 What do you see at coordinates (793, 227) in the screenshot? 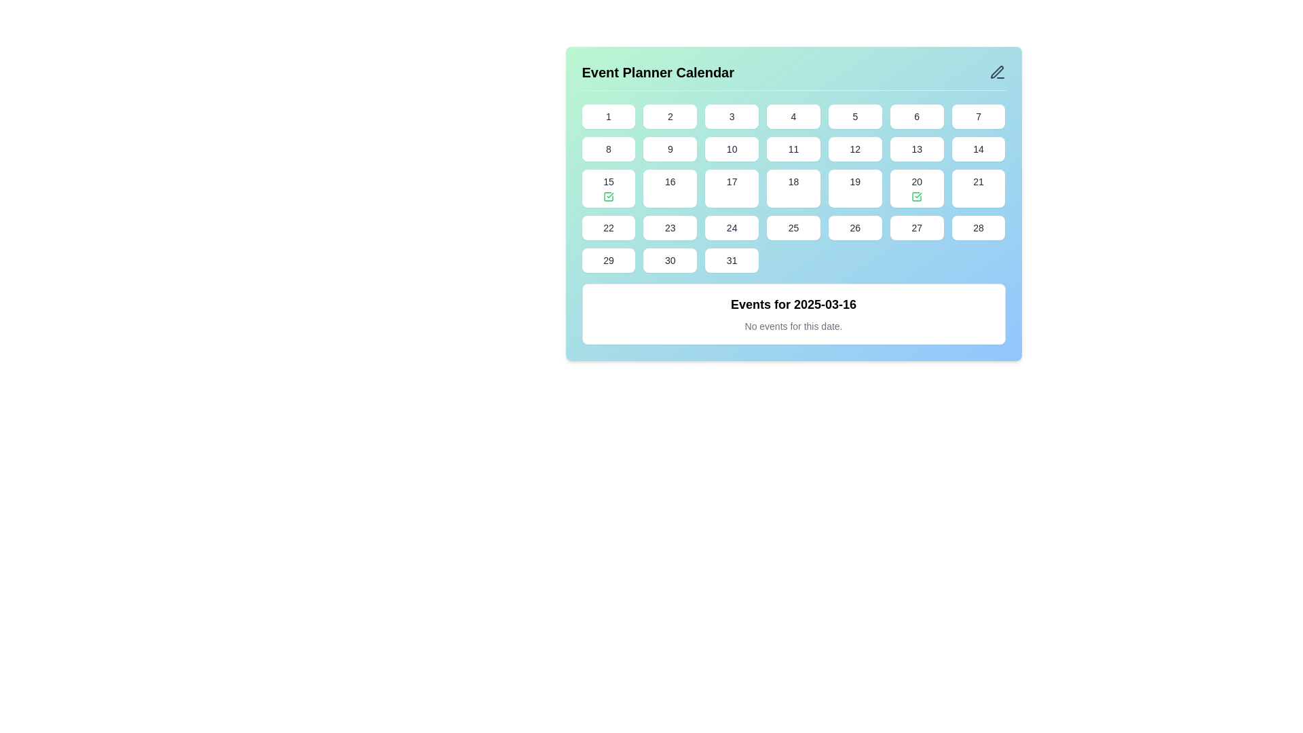
I see `the selectable date button in the calendar component located in the fourth row and fourth column` at bounding box center [793, 227].